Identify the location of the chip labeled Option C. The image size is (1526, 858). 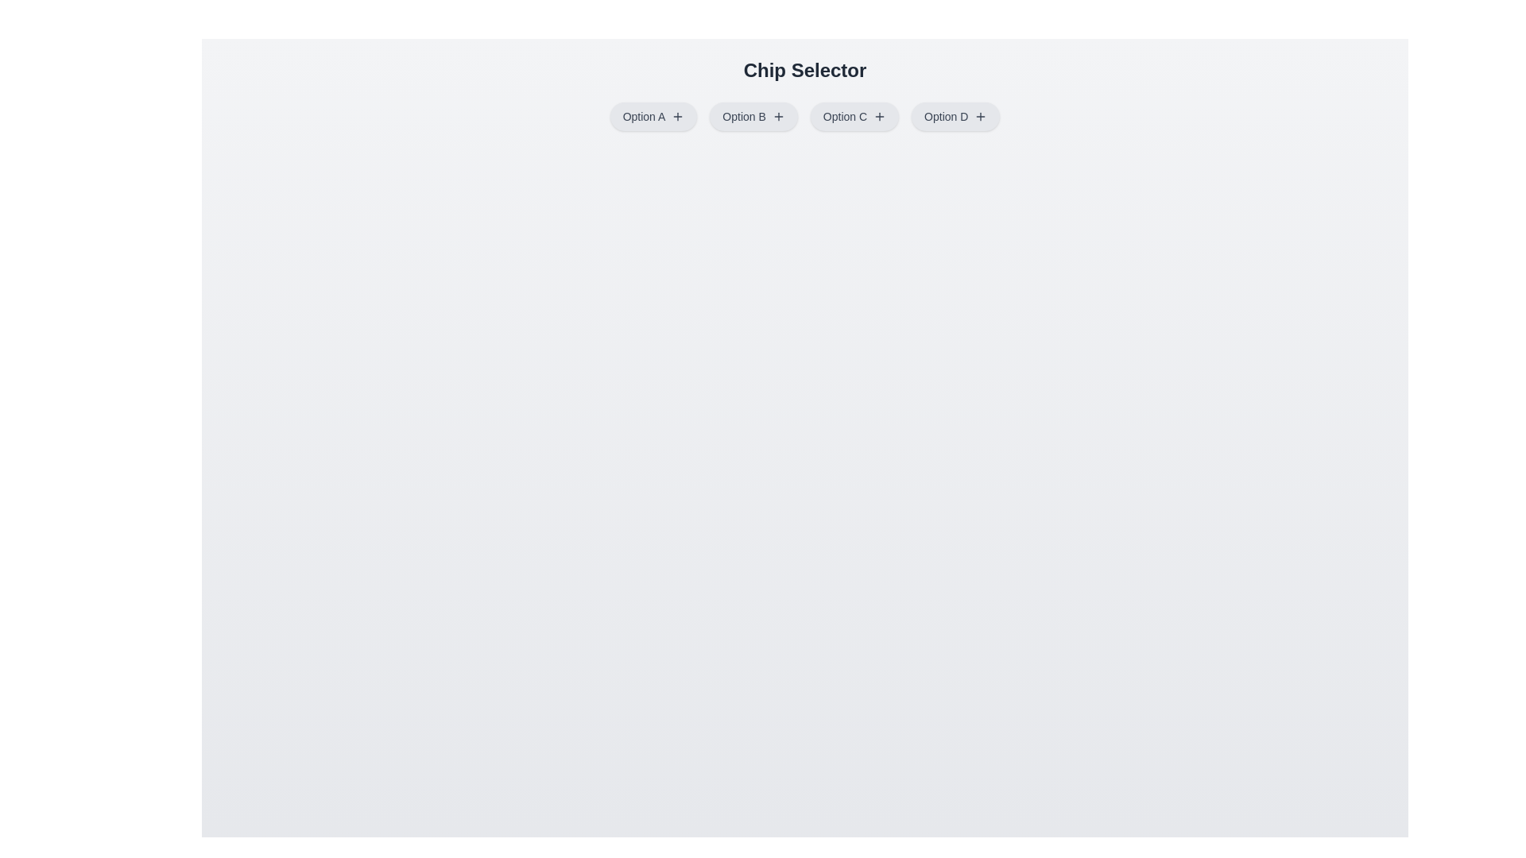
(854, 115).